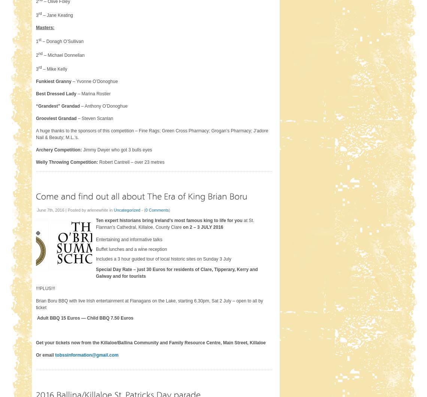 This screenshot has height=397, width=427. What do you see at coordinates (175, 224) in the screenshot?
I see `'at St. Flannan’s Cathedral, Killaloe, County Clare'` at bounding box center [175, 224].